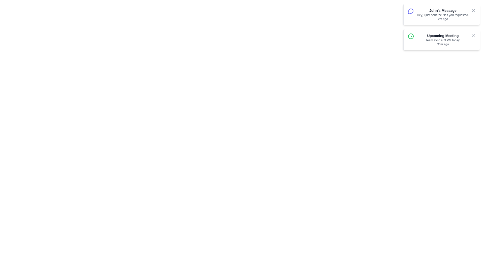 This screenshot has height=272, width=484. Describe the element at coordinates (473, 11) in the screenshot. I see `close button for the notification titled John's Message` at that location.